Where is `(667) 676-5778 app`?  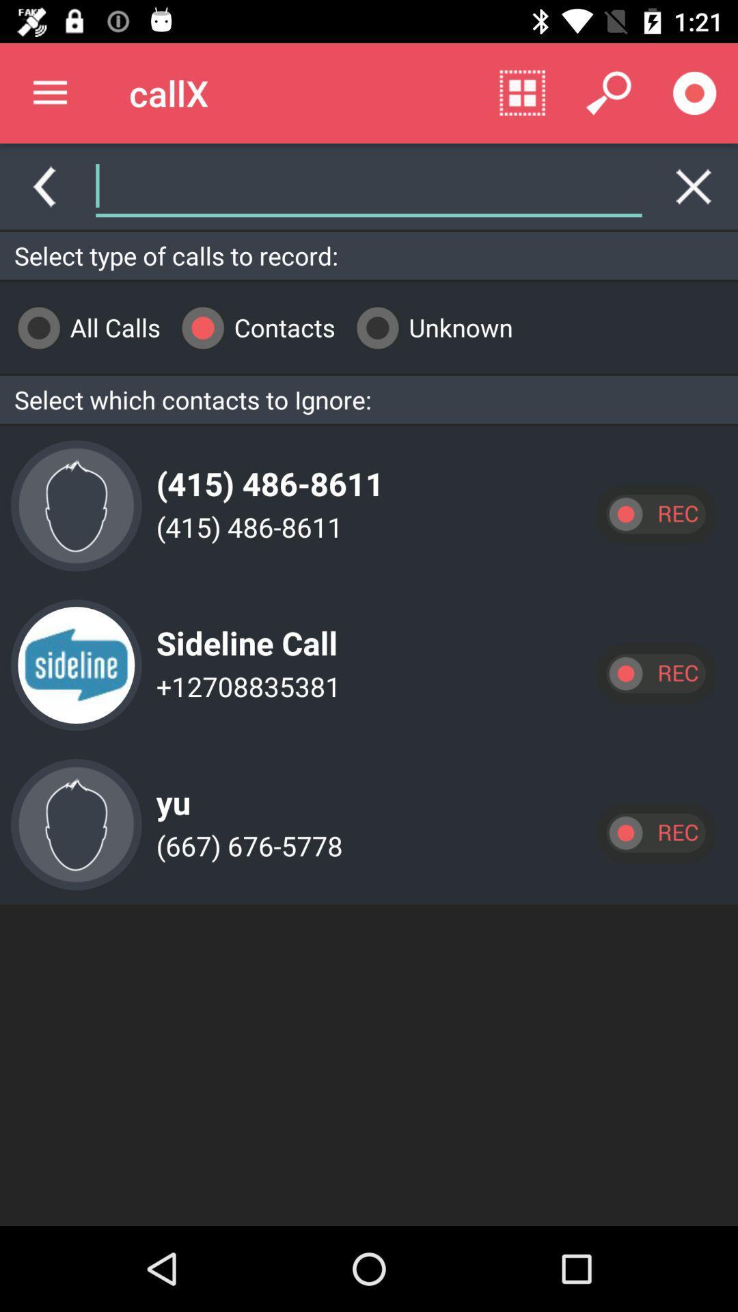 (667) 676-5778 app is located at coordinates (245, 845).